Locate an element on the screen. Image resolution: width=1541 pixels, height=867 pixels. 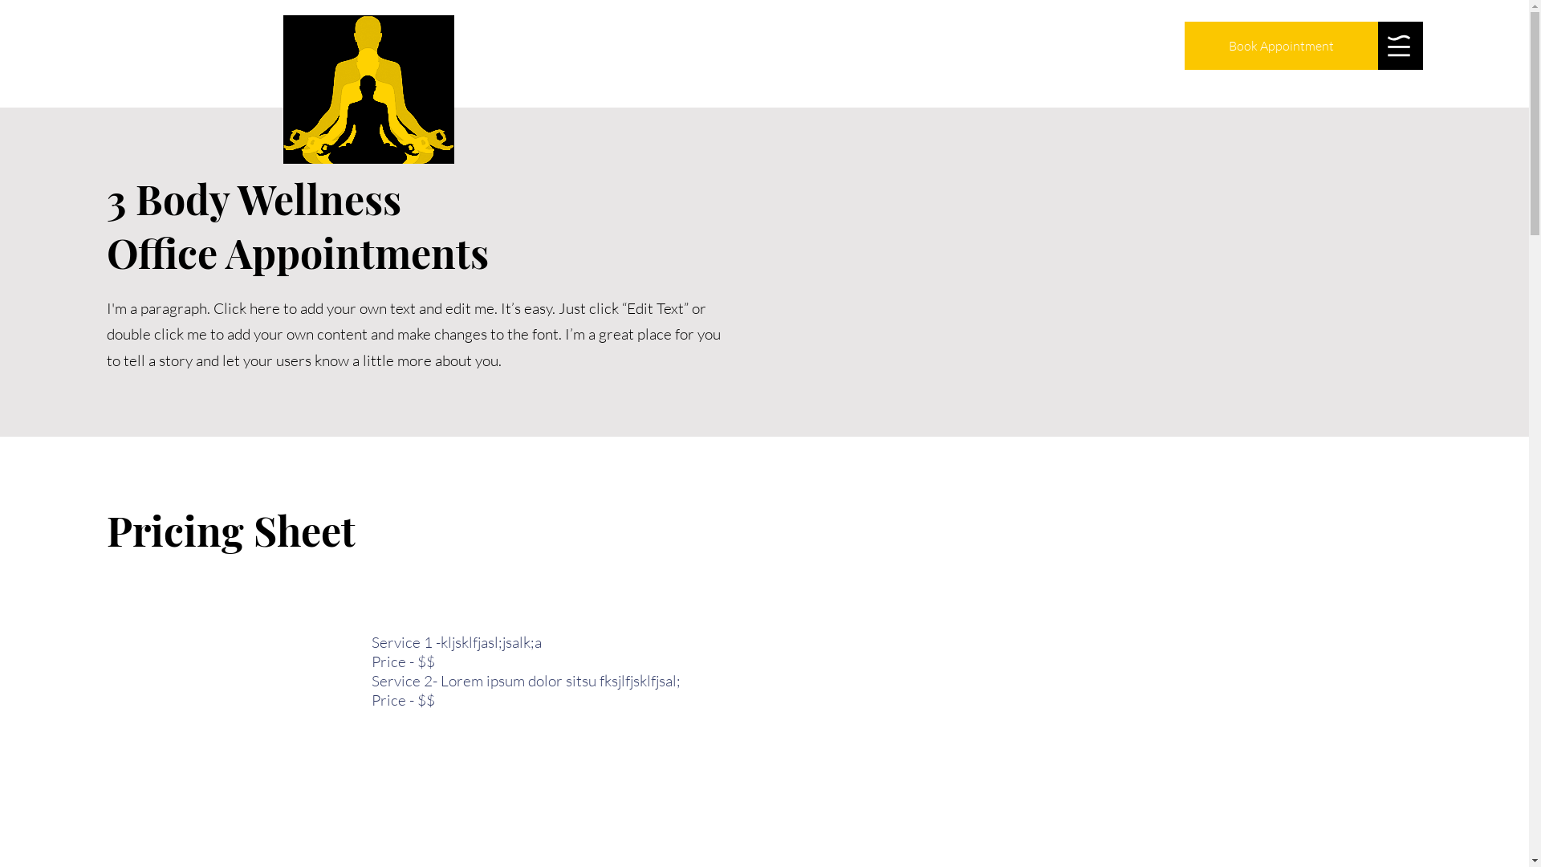
'Book Appointment' is located at coordinates (1280, 45).